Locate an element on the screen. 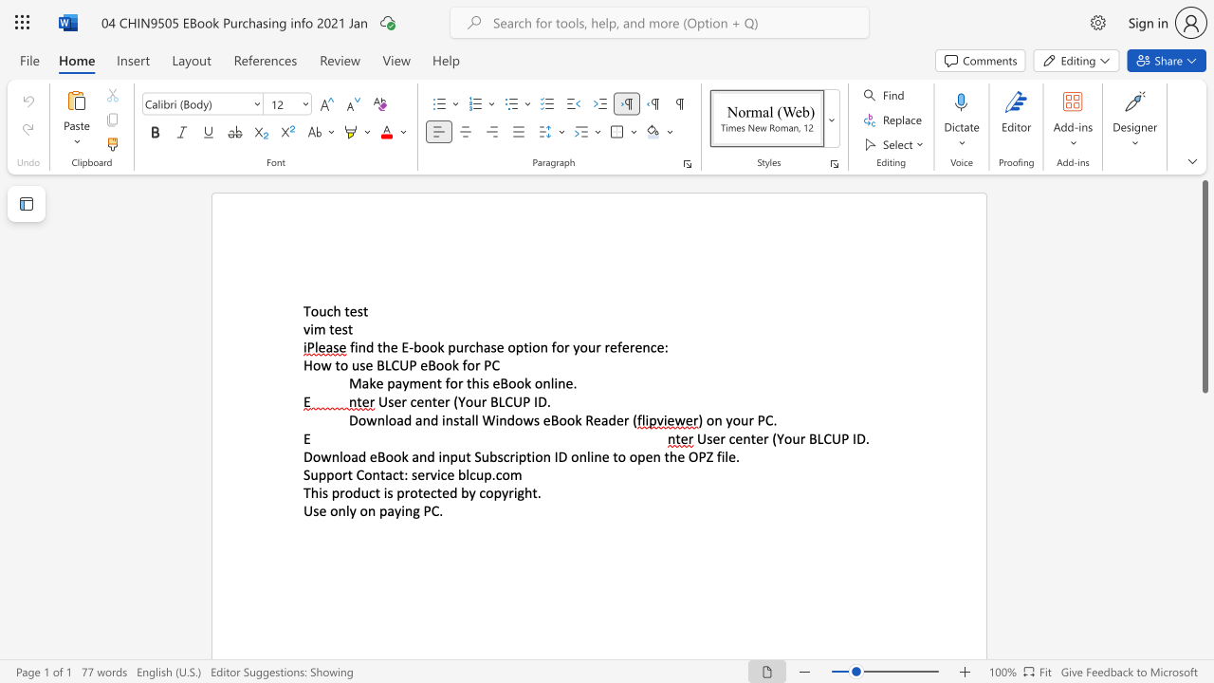 Image resolution: width=1214 pixels, height=683 pixels. the 1th character "P" in the text is located at coordinates (412, 365).